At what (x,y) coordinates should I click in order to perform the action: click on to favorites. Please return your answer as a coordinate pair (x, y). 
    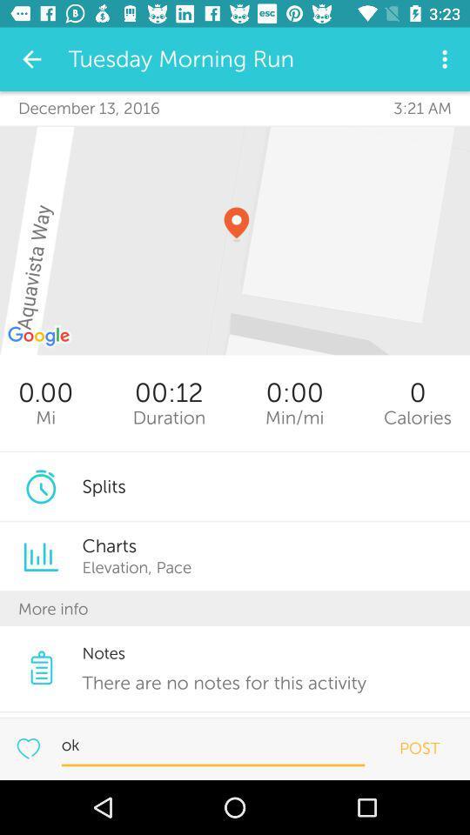
    Looking at the image, I should click on (27, 747).